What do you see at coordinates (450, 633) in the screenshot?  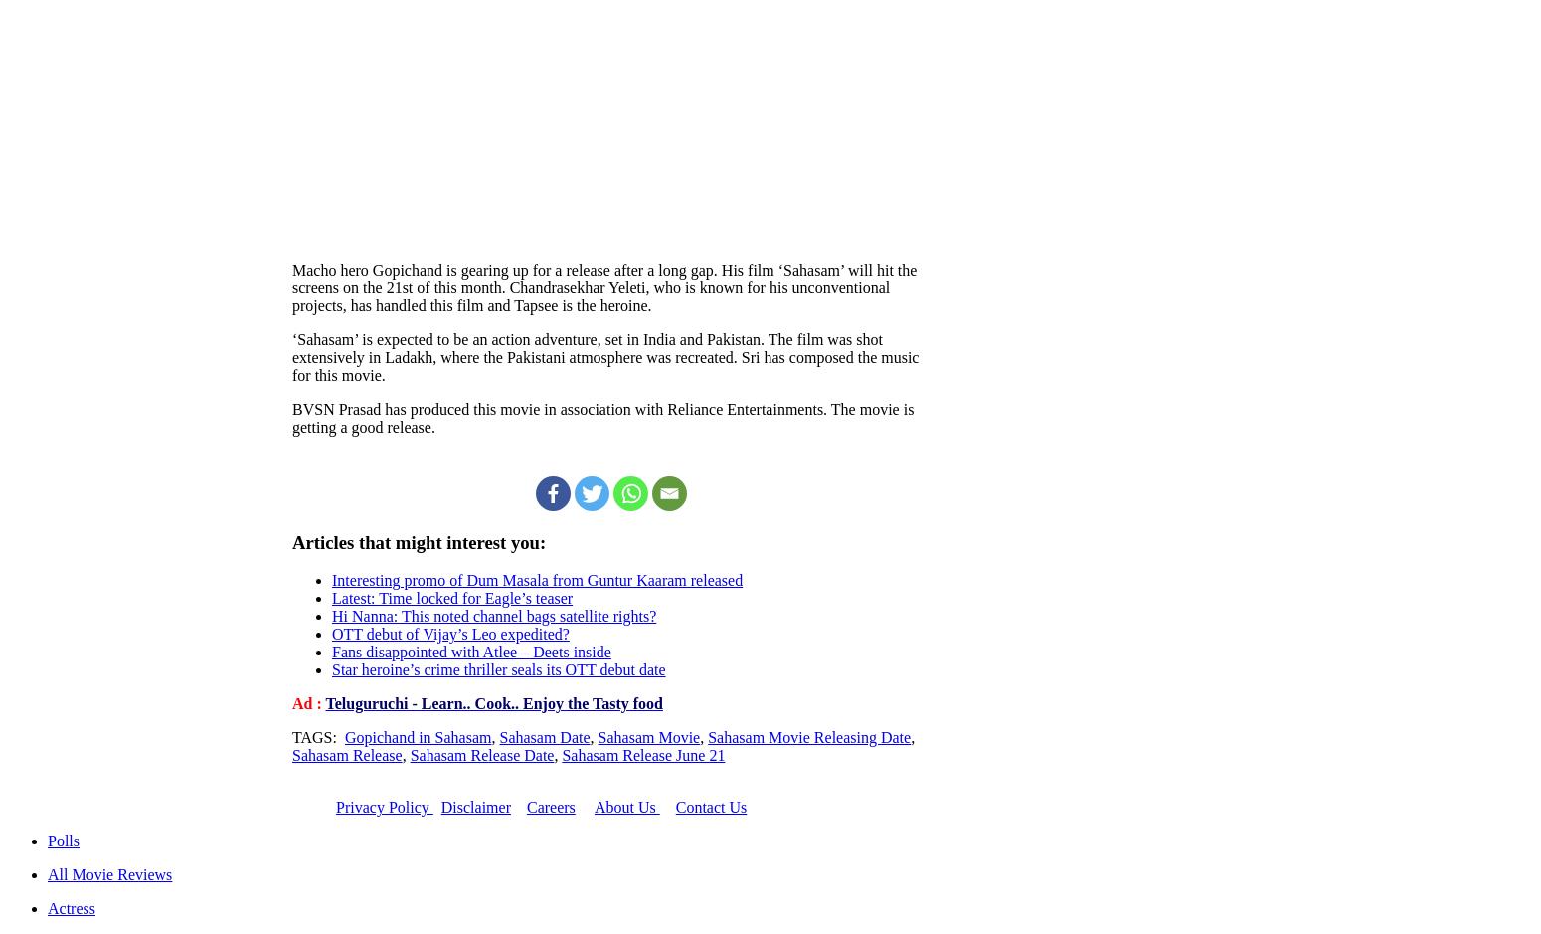 I see `'OTT debut of Vijay’s Leo expedited?'` at bounding box center [450, 633].